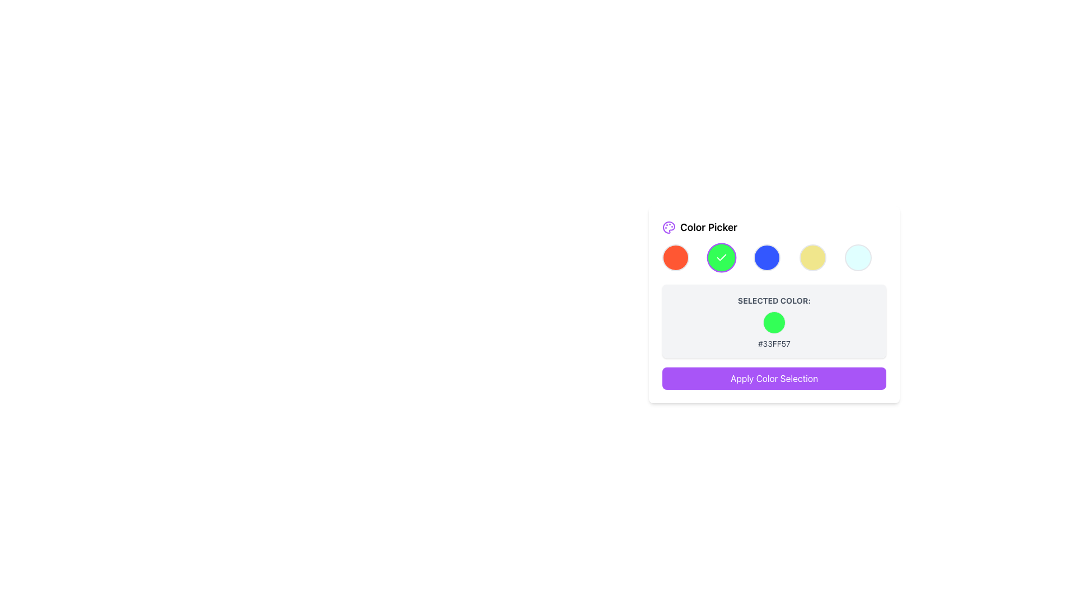 This screenshot has width=1075, height=604. I want to click on text label that displays 'Selected Color:' which is bold and gray, positioned above the circular green color indicator, so click(773, 300).